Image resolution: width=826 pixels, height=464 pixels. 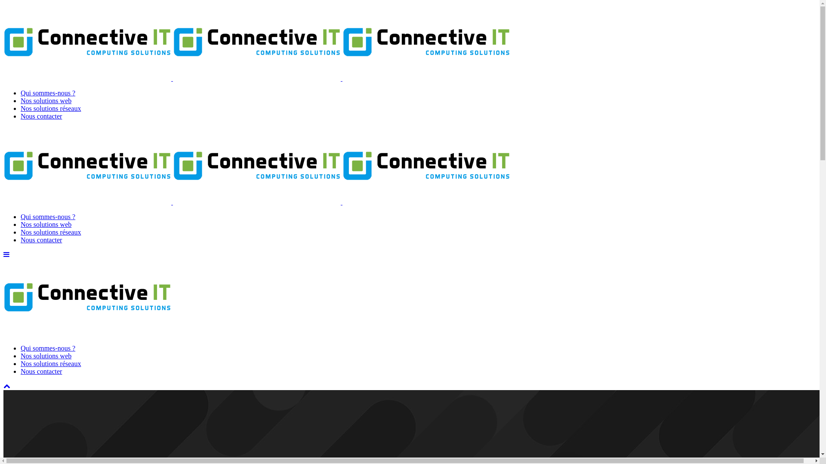 I want to click on 'Qui sommes-nous ?', so click(x=47, y=348).